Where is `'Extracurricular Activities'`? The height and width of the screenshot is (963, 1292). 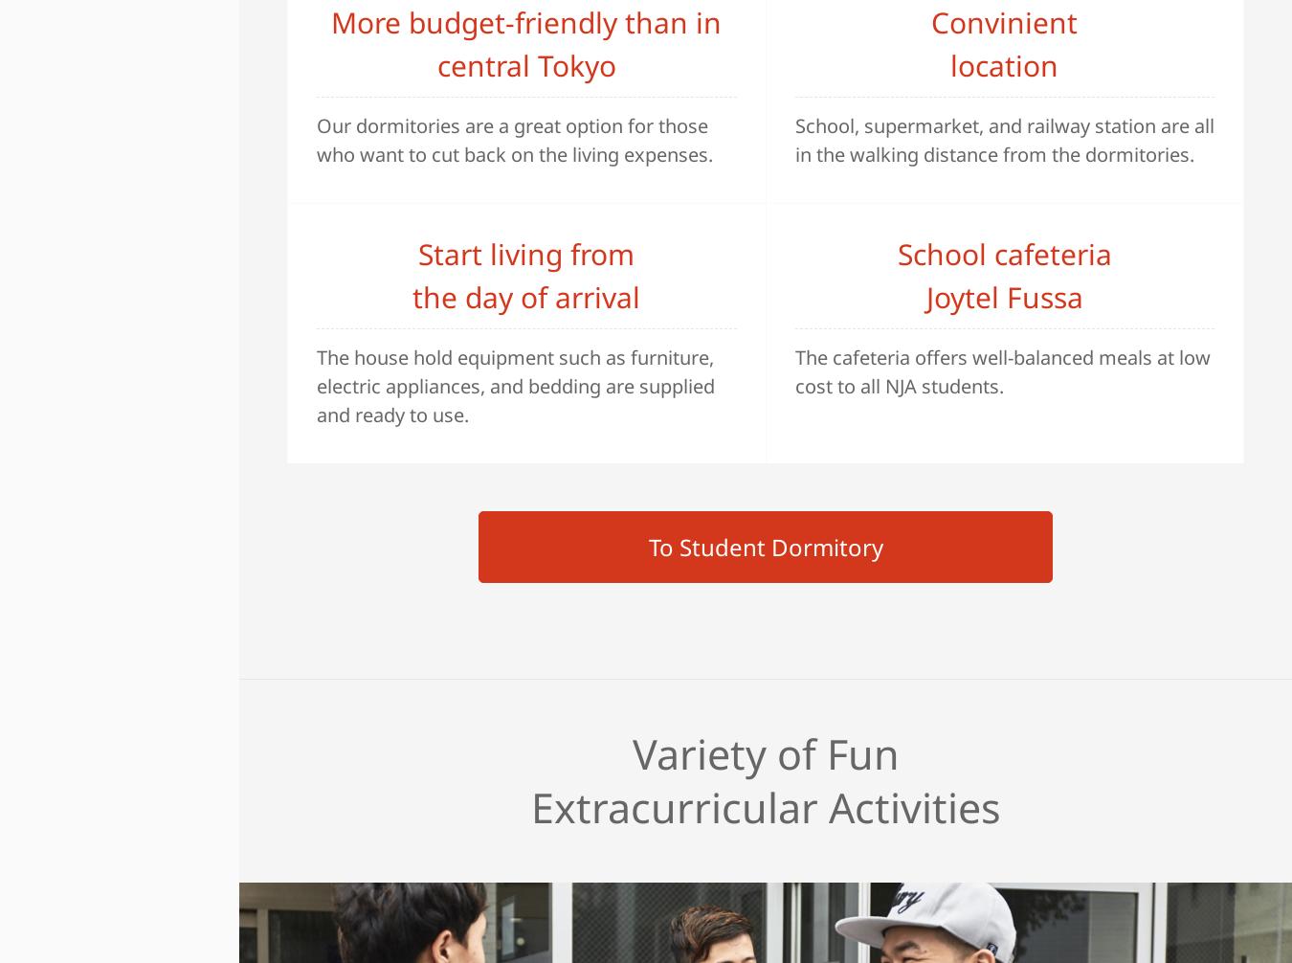
'Extracurricular Activities' is located at coordinates (765, 805).